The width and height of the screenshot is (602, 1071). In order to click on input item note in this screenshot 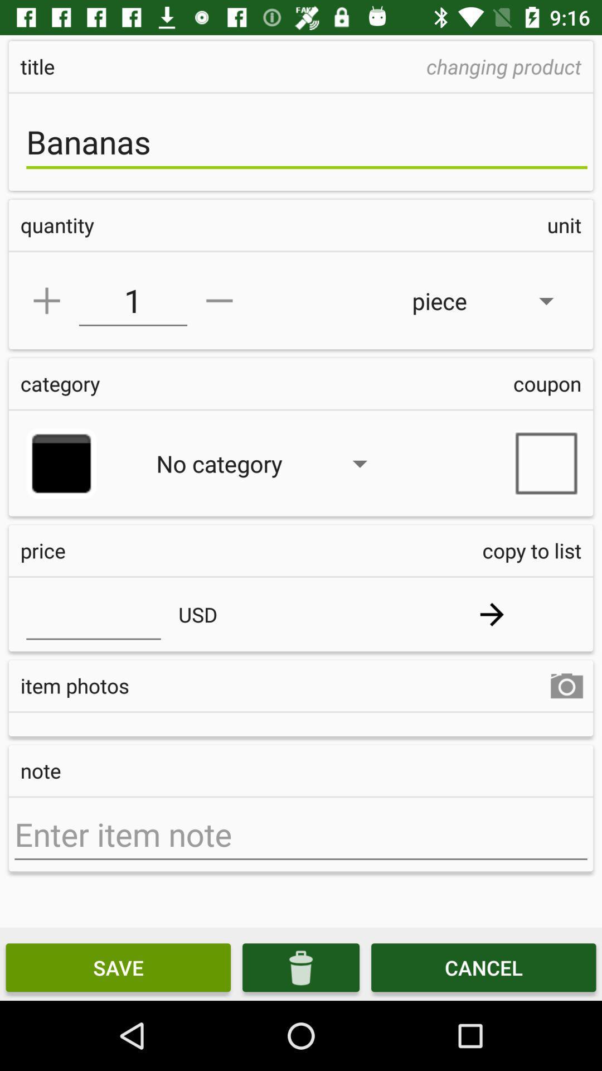, I will do `click(301, 834)`.